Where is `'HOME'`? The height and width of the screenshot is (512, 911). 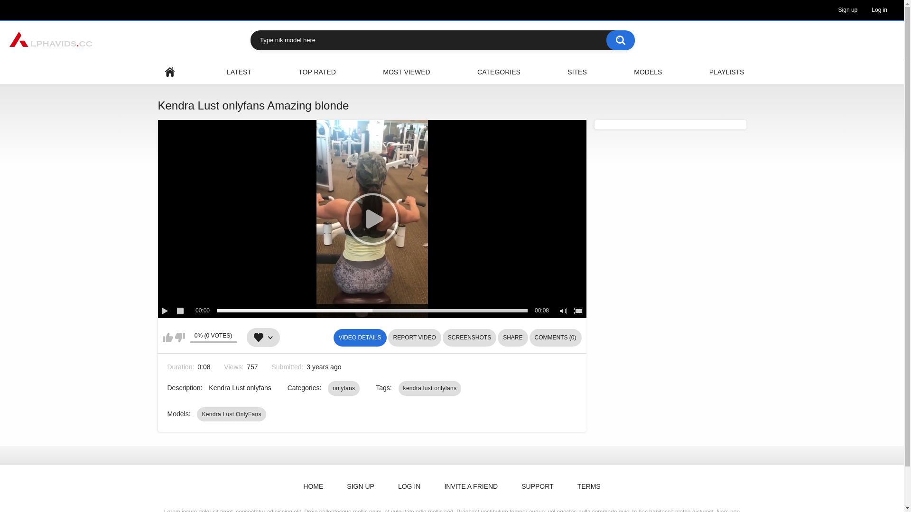
'HOME' is located at coordinates (313, 486).